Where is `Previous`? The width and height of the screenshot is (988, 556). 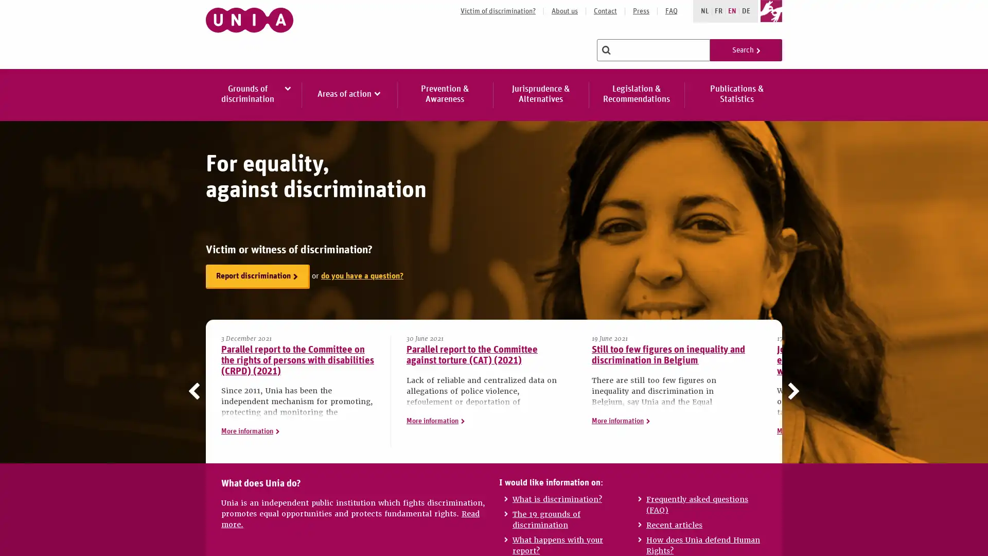
Previous is located at coordinates (197, 391).